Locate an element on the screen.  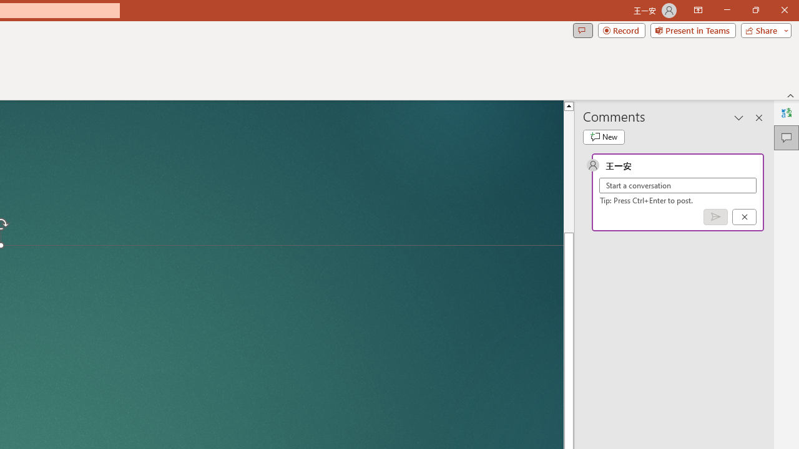
'New comment' is located at coordinates (604, 137).